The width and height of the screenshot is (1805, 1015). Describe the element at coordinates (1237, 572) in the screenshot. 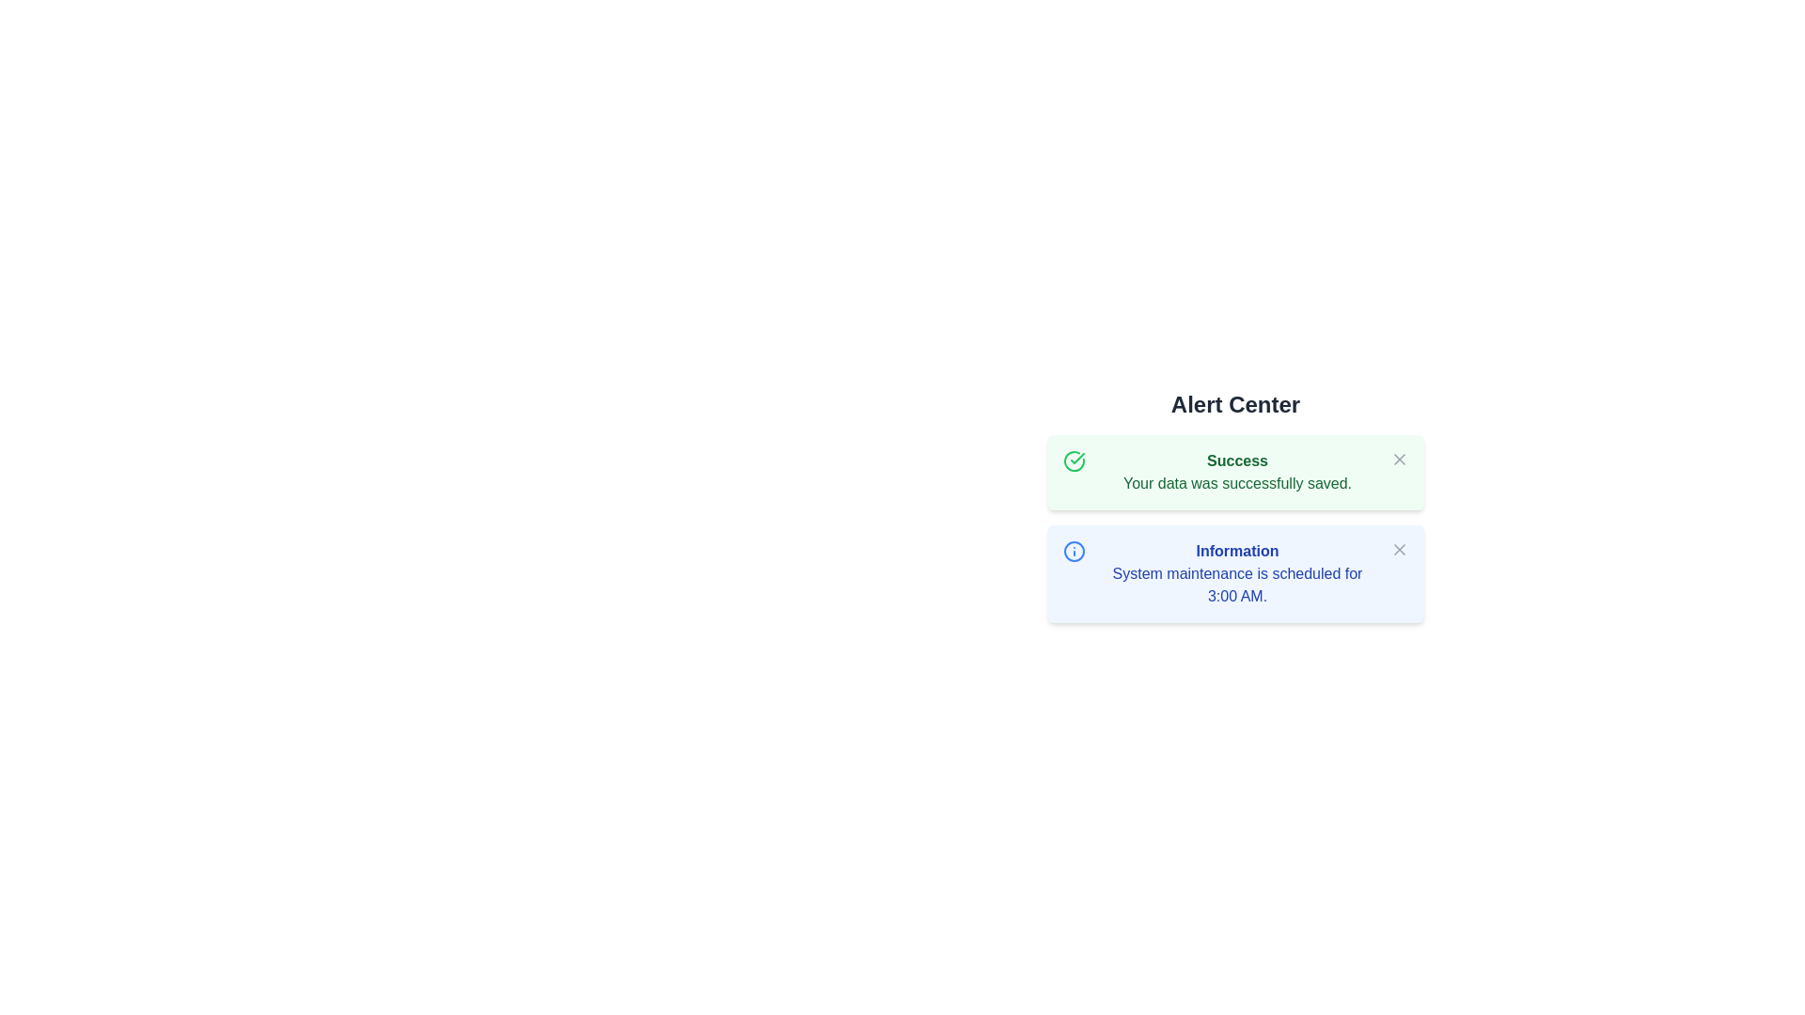

I see `the text-based notification about scheduled system maintenance located in the second notification box of the 'Alert Center' interface, directly beneath the 'Success' notification message` at that location.